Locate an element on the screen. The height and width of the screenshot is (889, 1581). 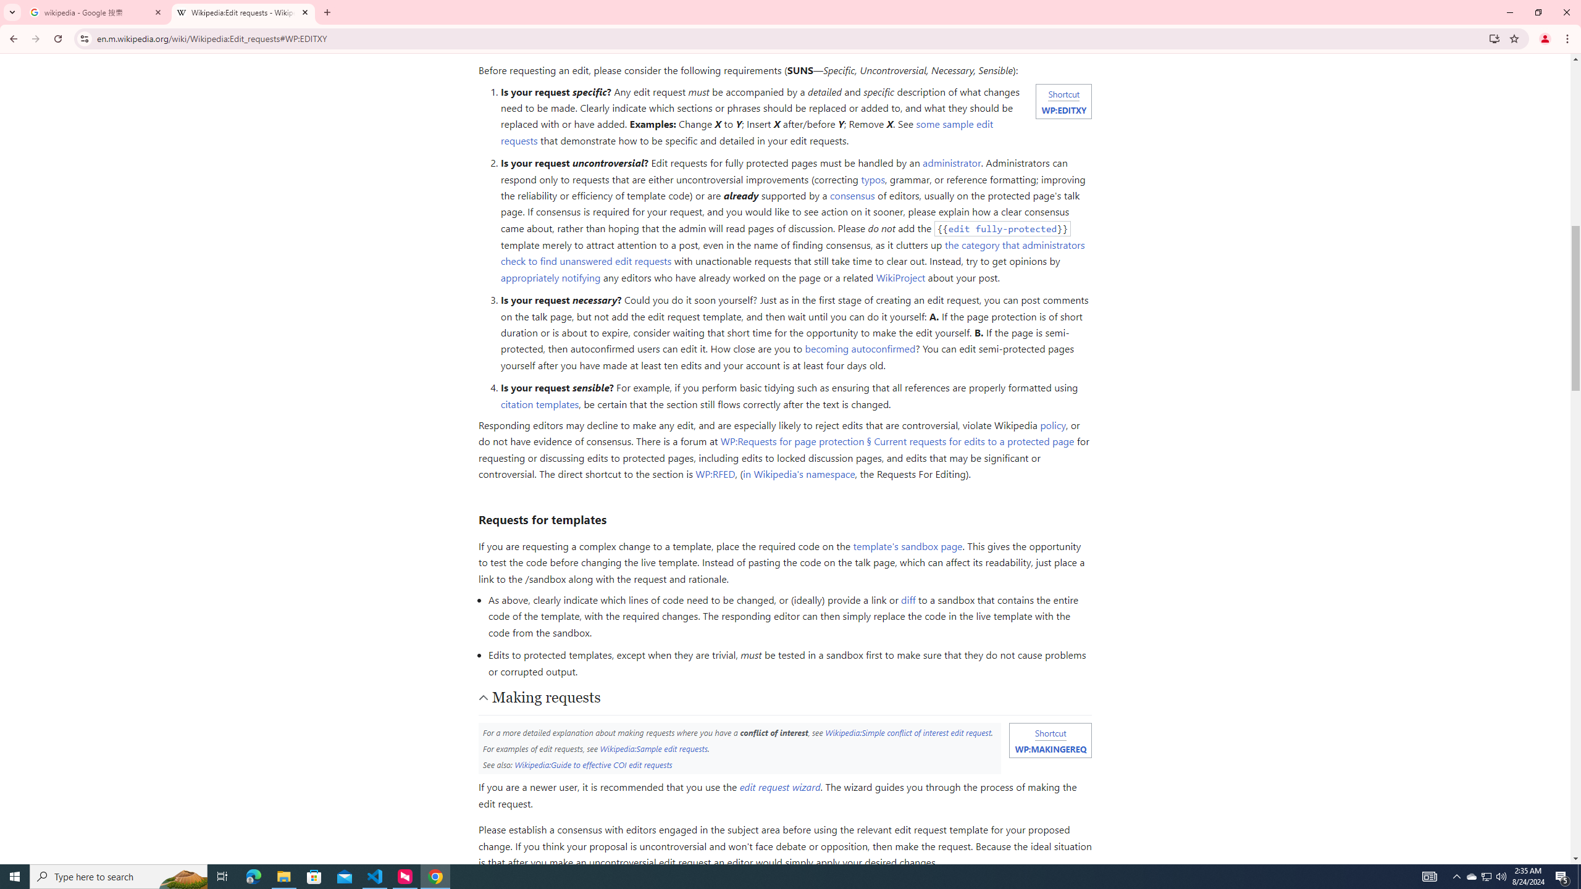
'Wikipedia:Guide to effective COI edit requests' is located at coordinates (592, 764).